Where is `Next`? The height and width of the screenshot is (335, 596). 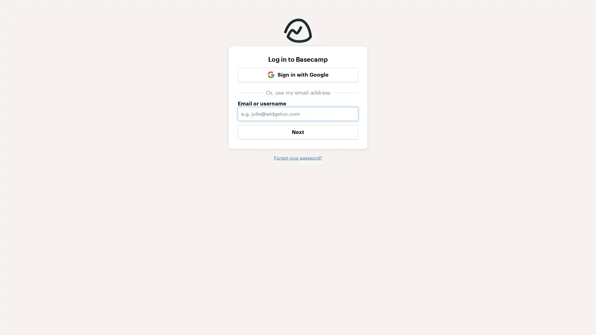
Next is located at coordinates (298, 132).